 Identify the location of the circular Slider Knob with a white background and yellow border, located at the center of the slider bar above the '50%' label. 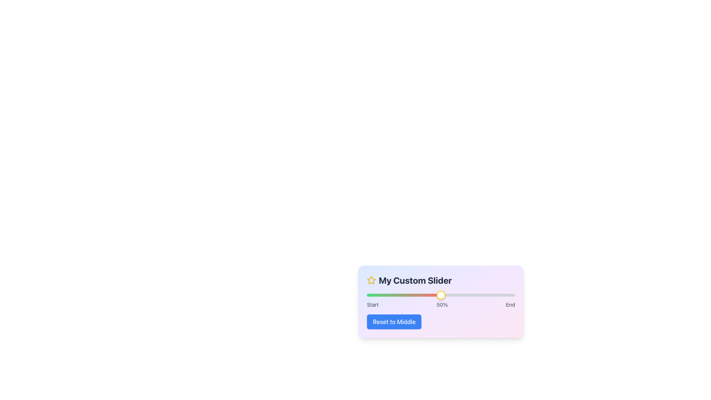
(441, 295).